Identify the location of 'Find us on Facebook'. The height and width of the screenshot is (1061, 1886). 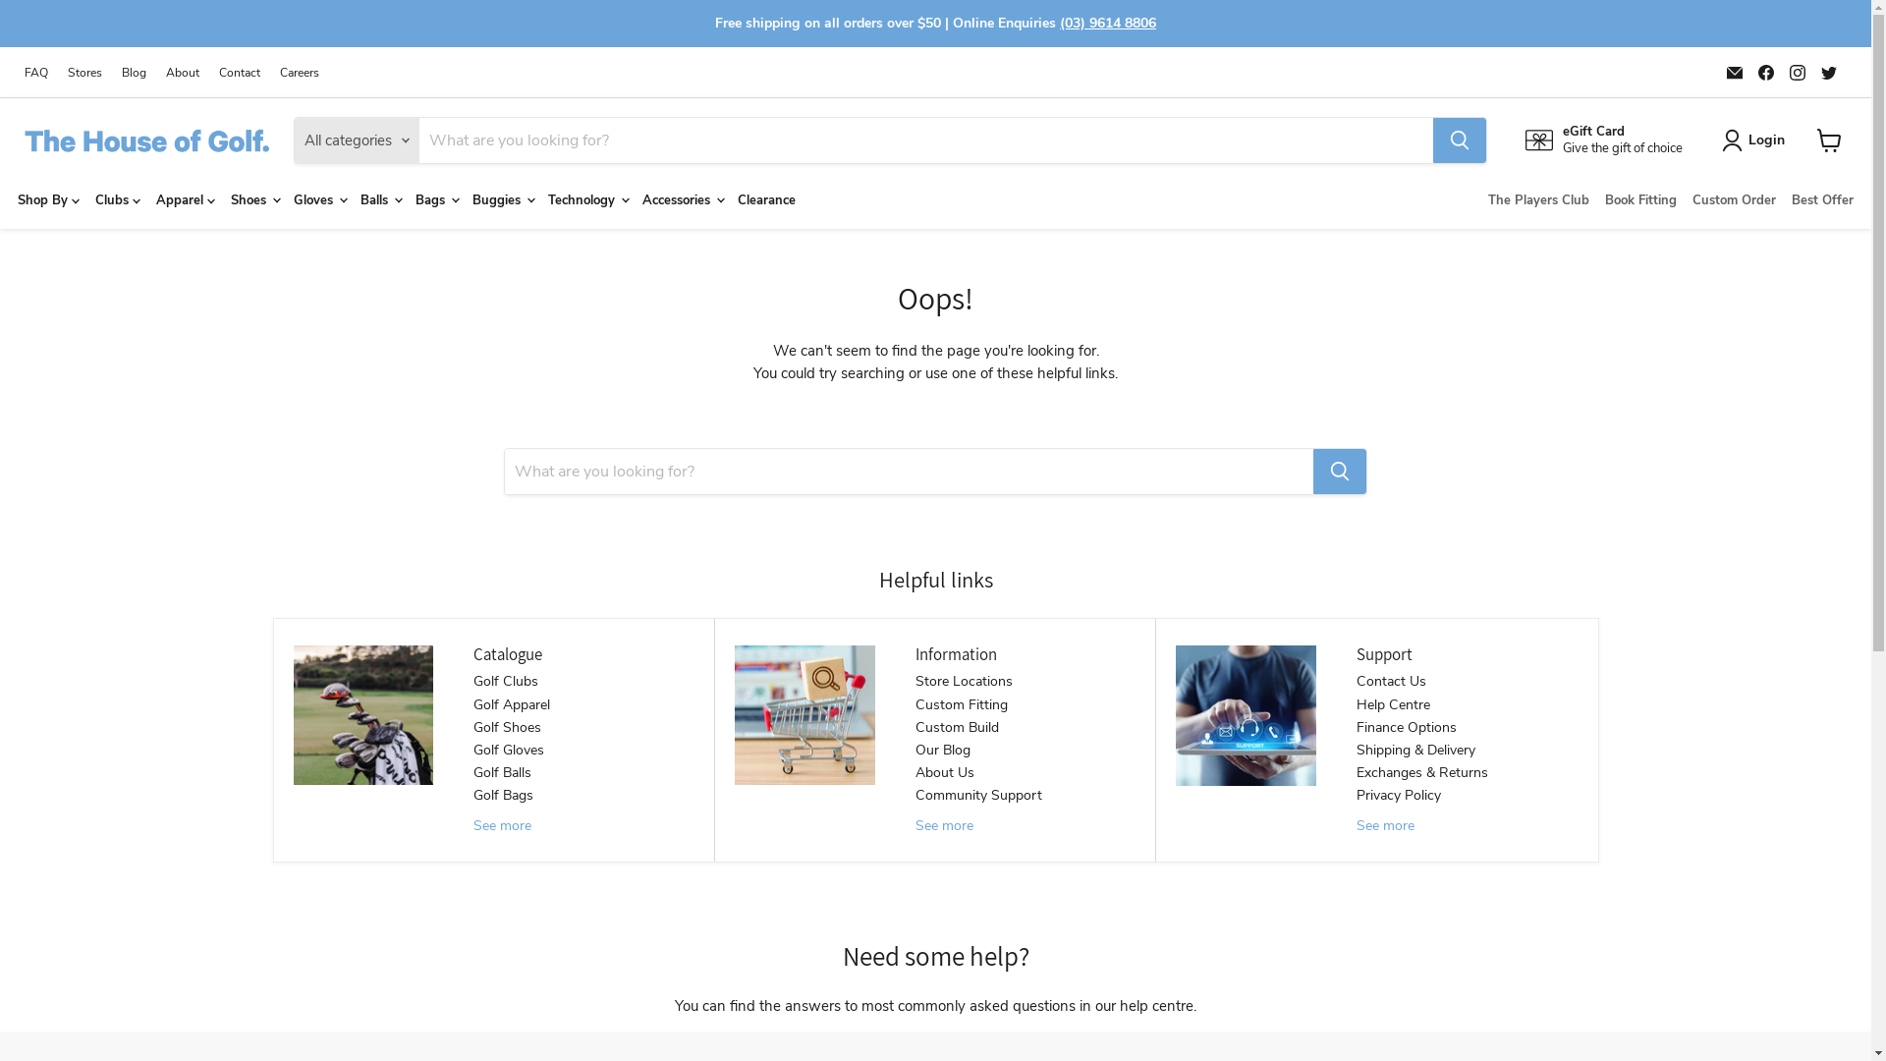
(1766, 71).